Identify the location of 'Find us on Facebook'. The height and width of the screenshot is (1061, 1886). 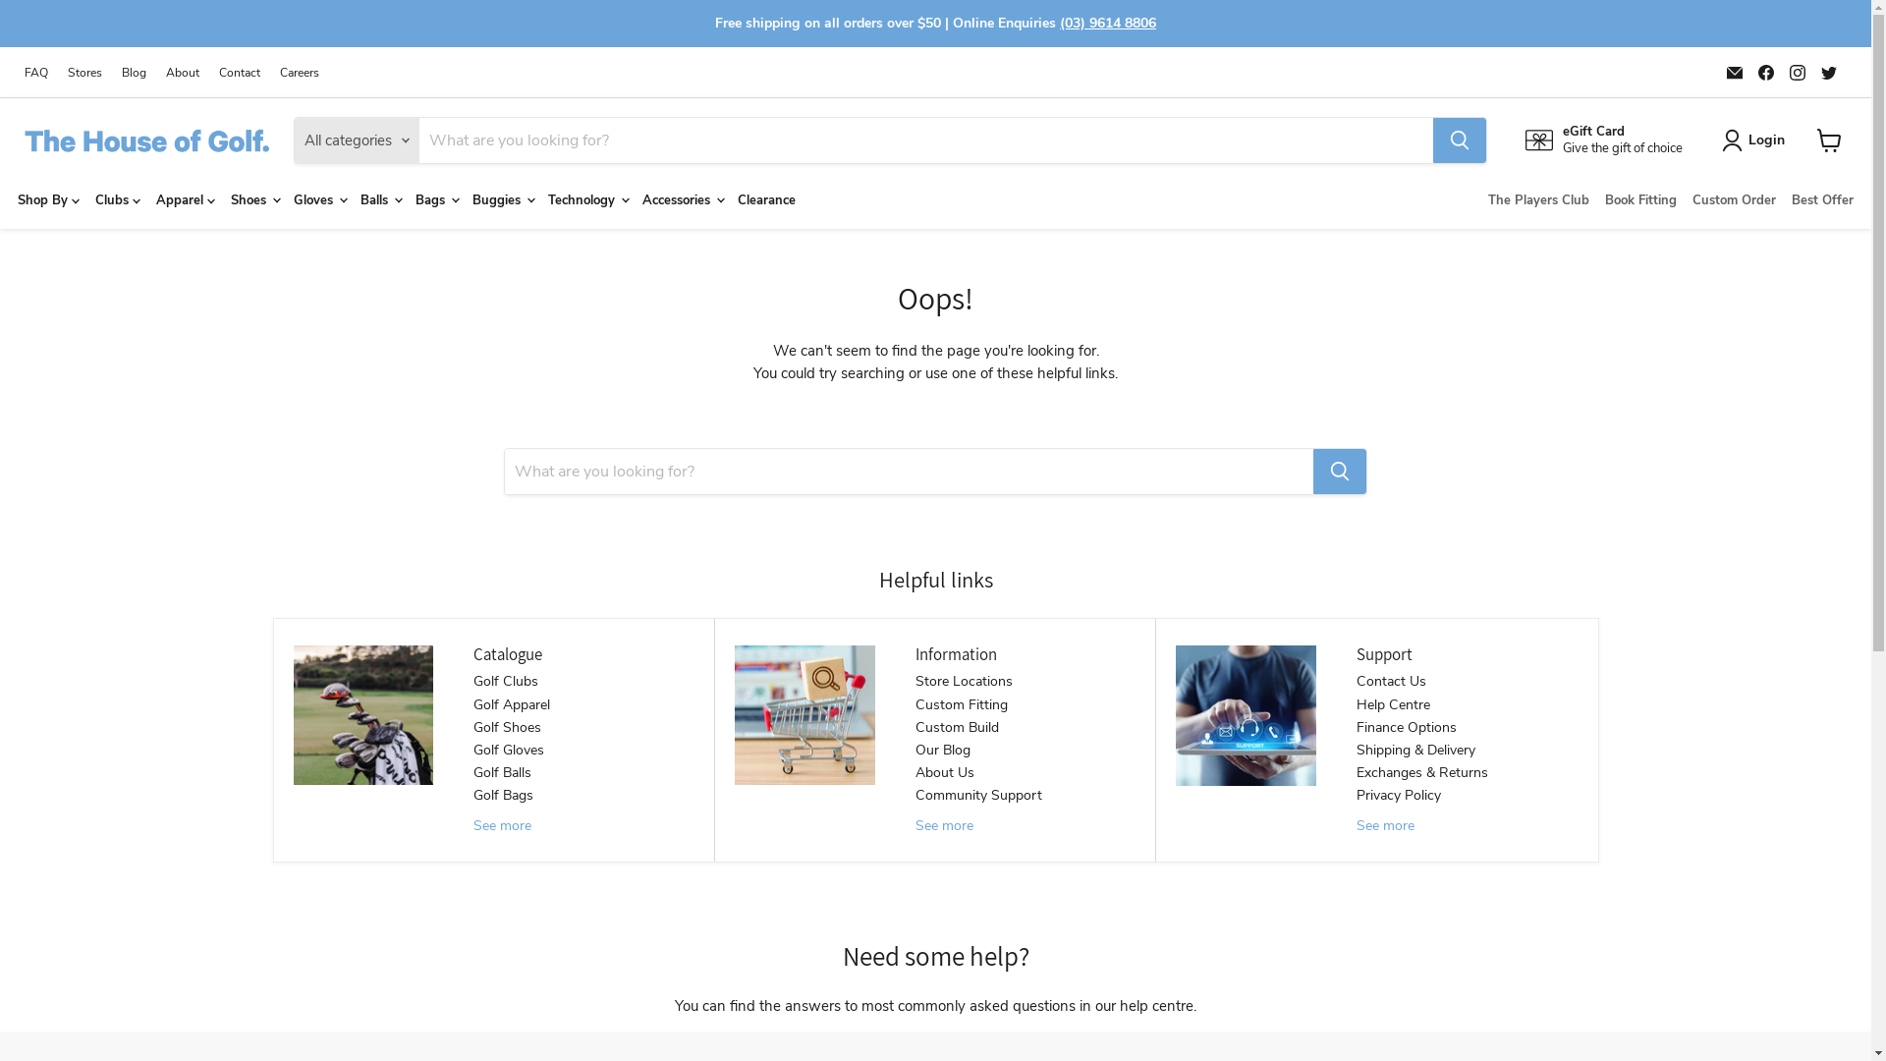
(1766, 71).